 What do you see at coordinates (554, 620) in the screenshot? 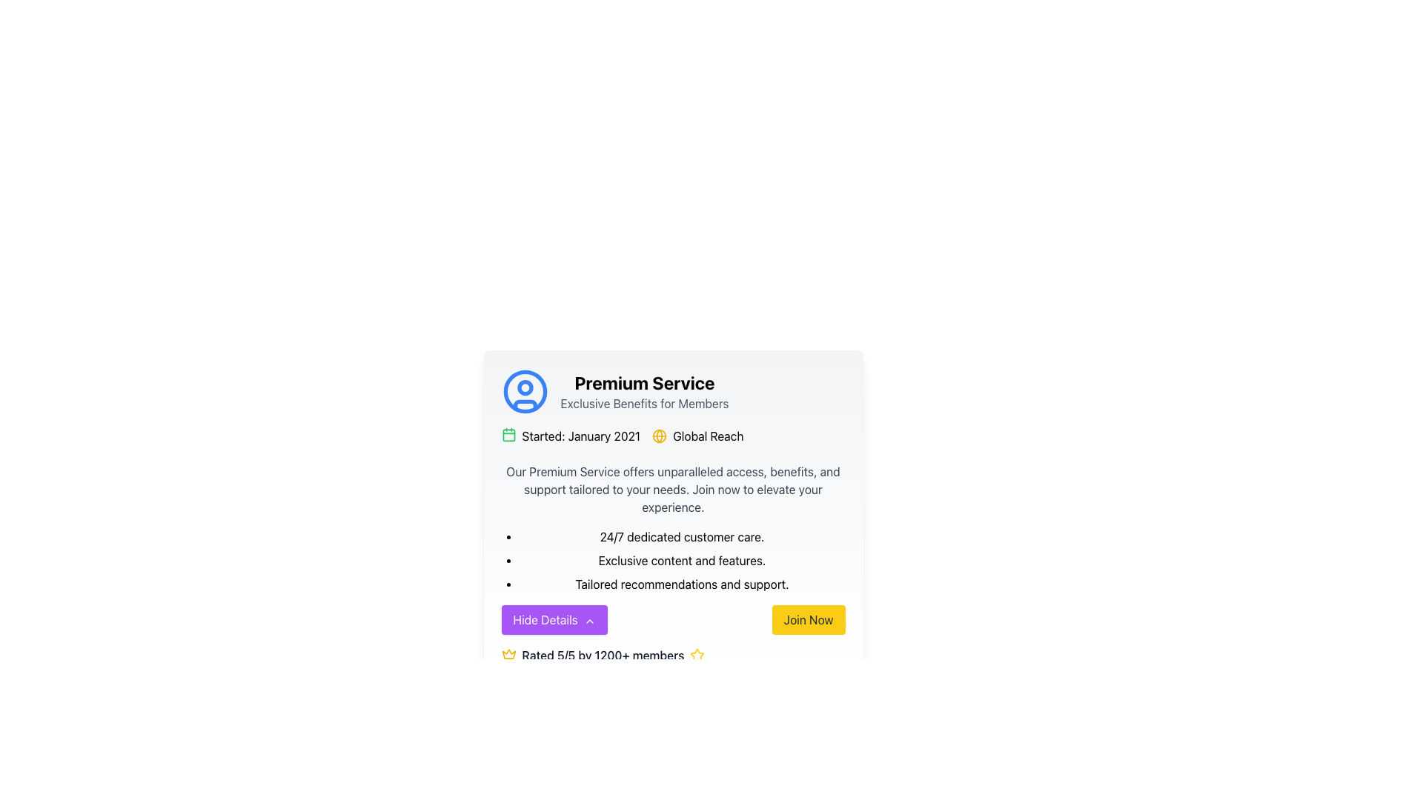
I see `the rectangular button with a purple background and white text reading 'Hide Details'` at bounding box center [554, 620].